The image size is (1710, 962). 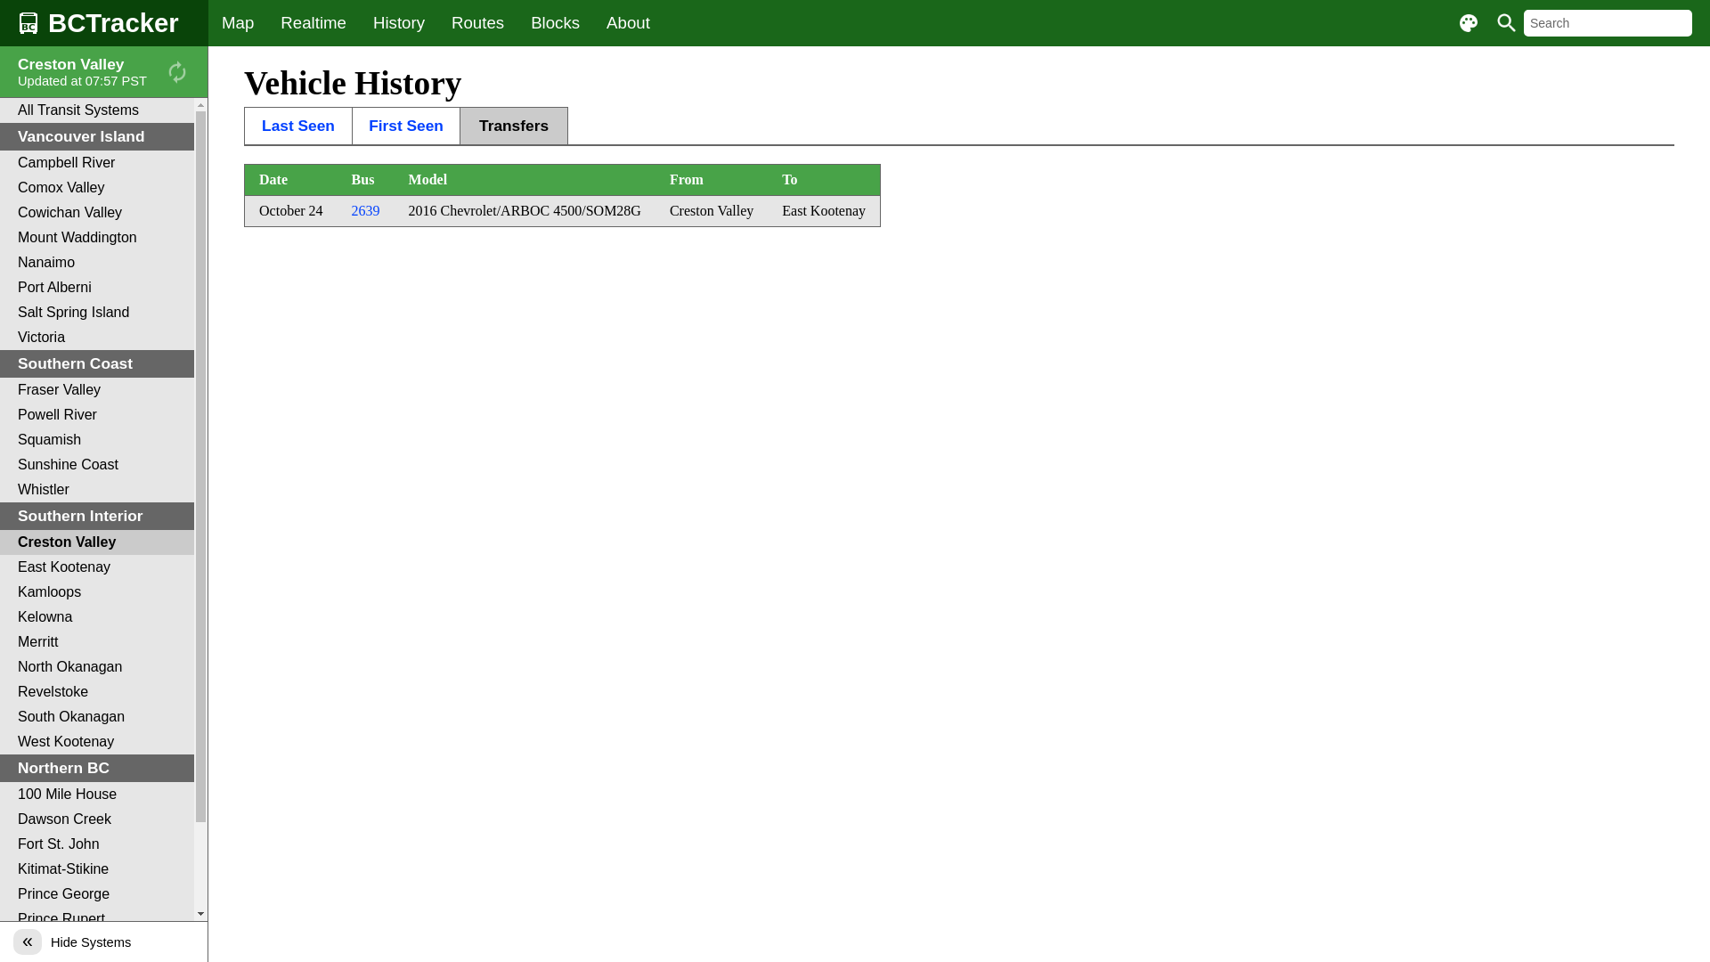 I want to click on 'Sunshine Coast', so click(x=96, y=463).